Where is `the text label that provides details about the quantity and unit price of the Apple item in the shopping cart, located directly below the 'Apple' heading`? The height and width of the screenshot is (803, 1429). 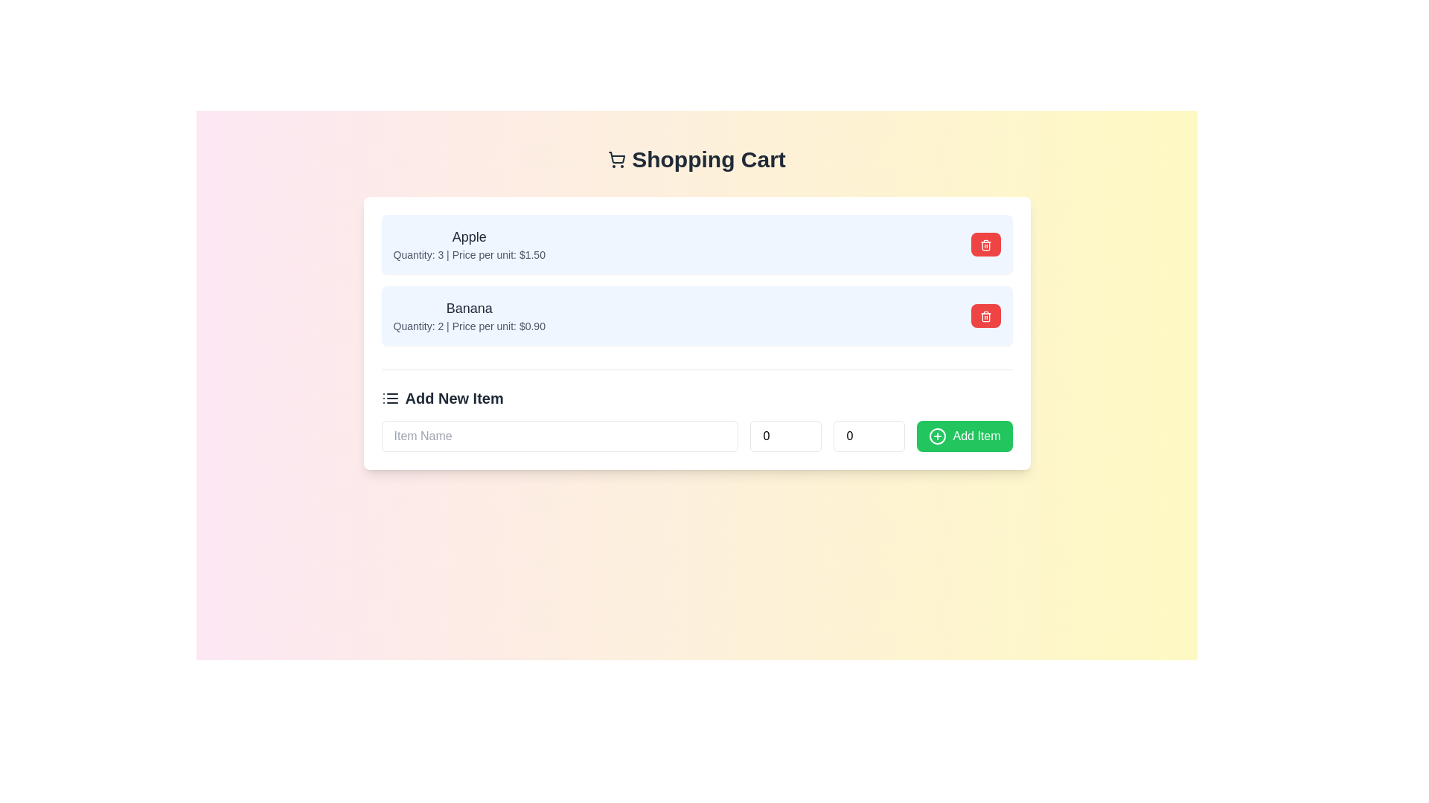
the text label that provides details about the quantity and unit price of the Apple item in the shopping cart, located directly below the 'Apple' heading is located at coordinates (468, 254).